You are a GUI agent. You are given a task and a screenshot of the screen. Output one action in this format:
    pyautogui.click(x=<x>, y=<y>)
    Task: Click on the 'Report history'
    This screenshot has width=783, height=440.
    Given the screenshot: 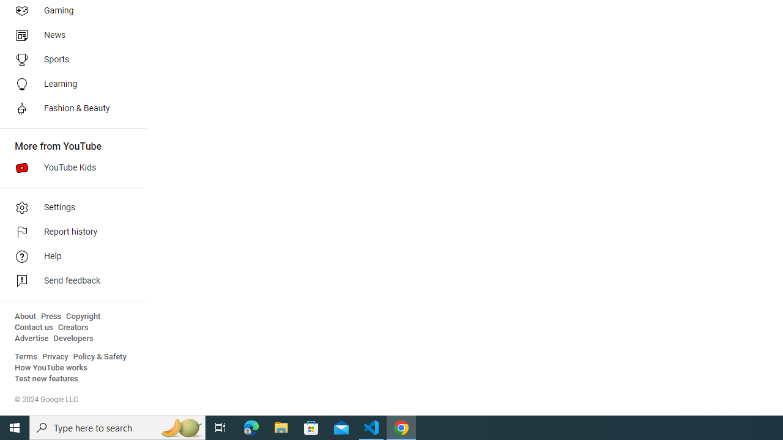 What is the action you would take?
    pyautogui.click(x=69, y=232)
    